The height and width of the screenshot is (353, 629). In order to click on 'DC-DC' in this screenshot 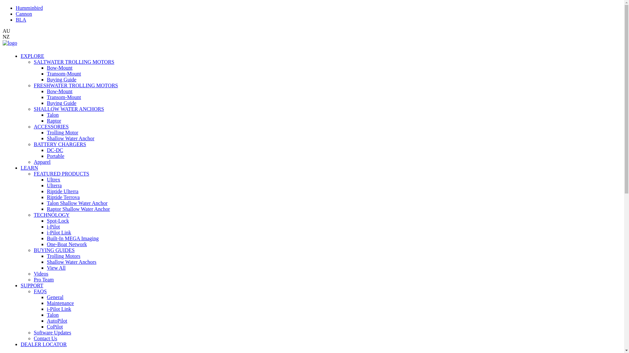, I will do `click(55, 150)`.